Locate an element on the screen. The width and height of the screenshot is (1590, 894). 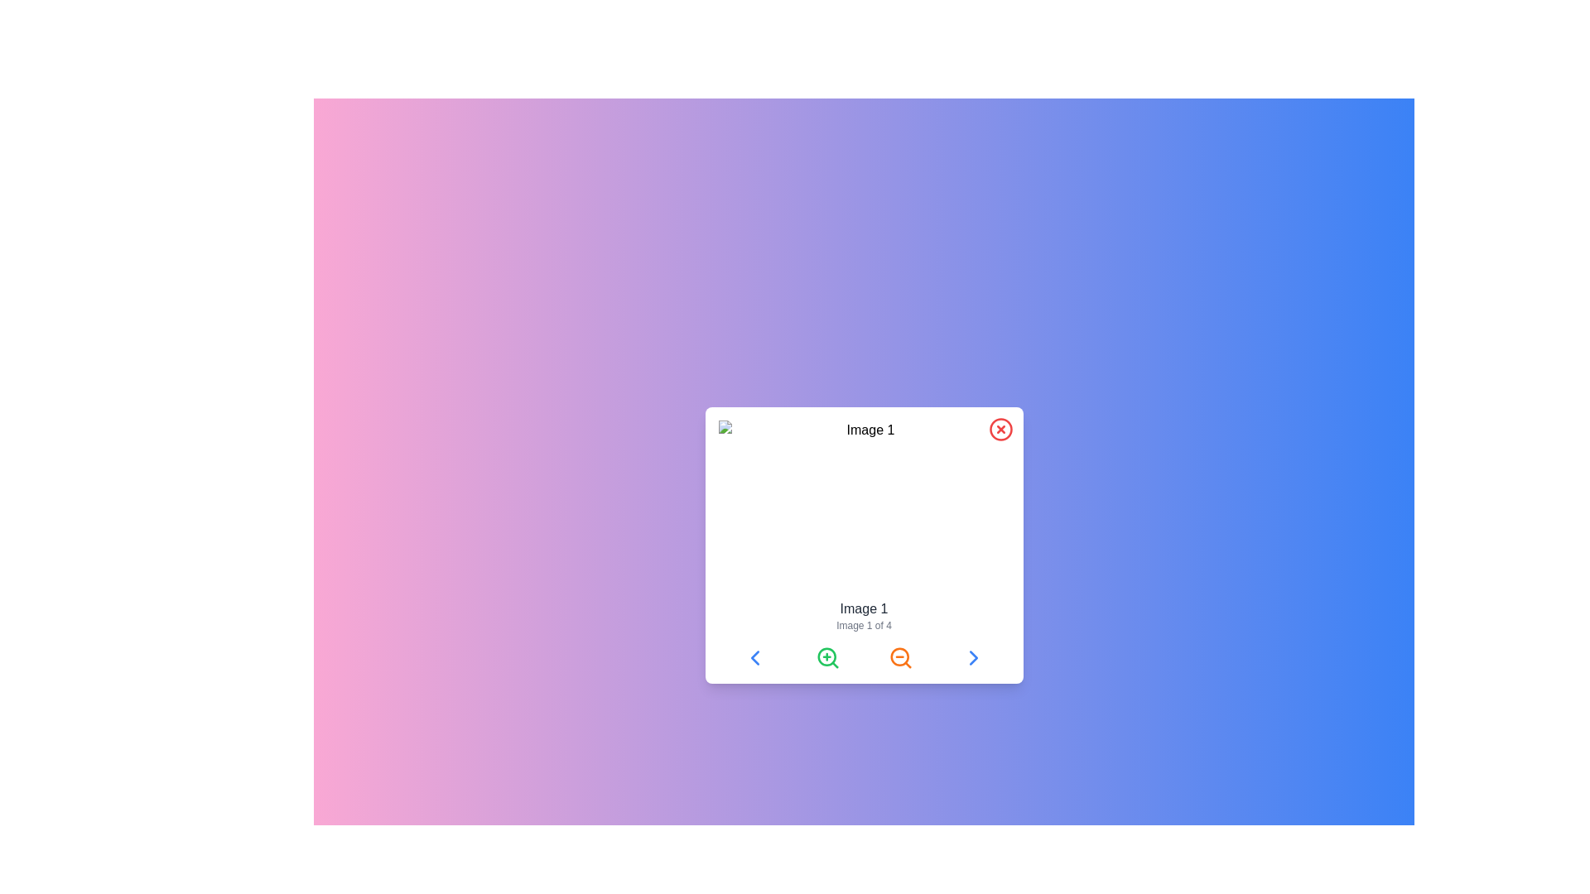
the label or caption text located beneath 'Image 1' in the centered dialog box, which provides auxiliary information about the current image is located at coordinates (863, 626).